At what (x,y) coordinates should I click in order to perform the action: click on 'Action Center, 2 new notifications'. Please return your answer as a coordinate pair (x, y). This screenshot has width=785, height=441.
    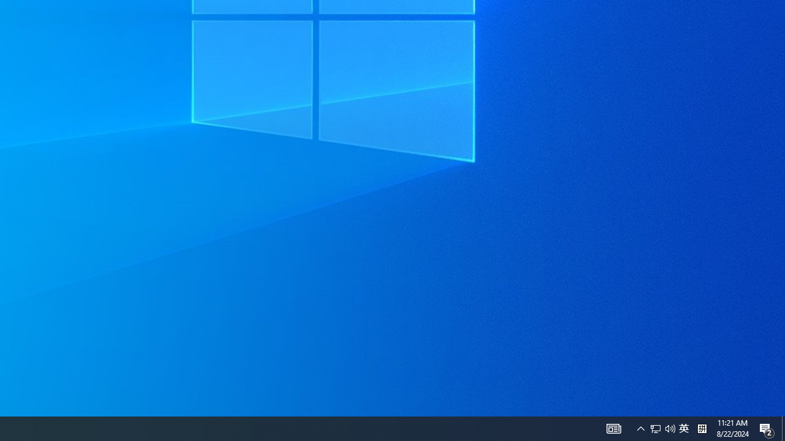
    Looking at the image, I should click on (783, 428).